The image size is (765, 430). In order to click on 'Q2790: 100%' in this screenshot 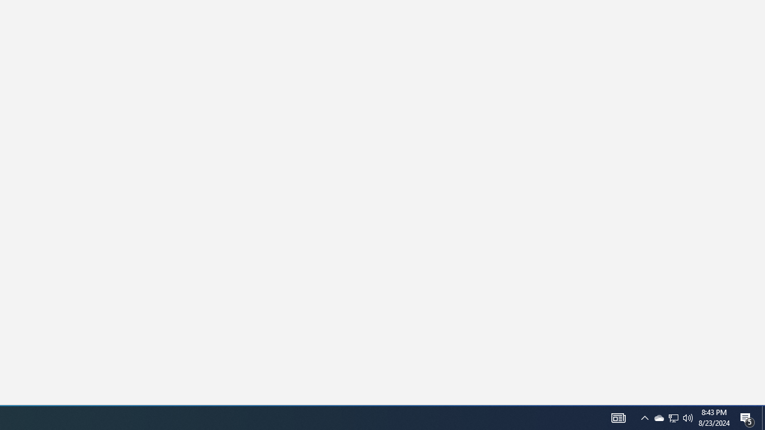, I will do `click(674, 417)`.